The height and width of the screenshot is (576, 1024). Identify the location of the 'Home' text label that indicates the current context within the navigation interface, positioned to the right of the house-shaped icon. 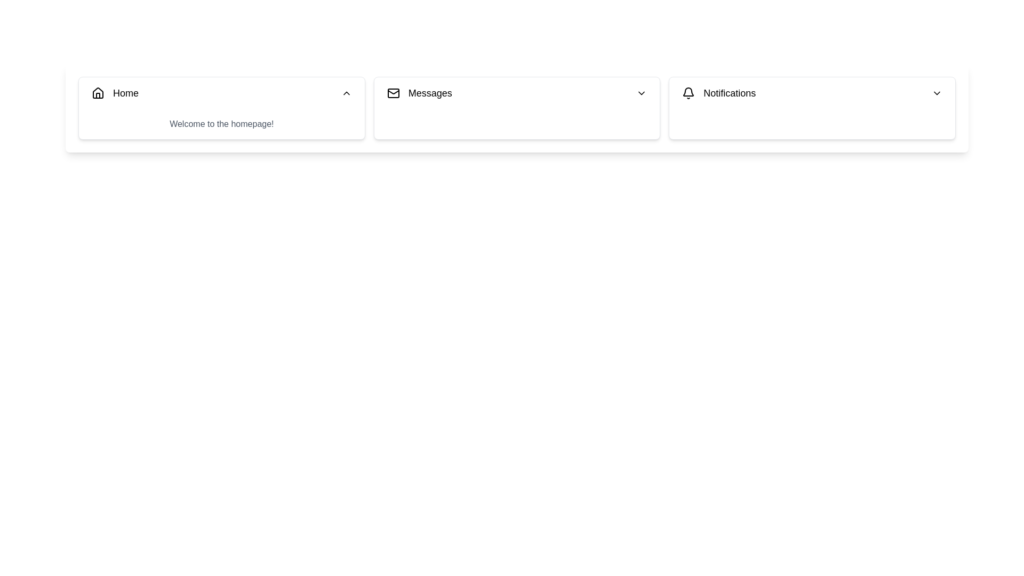
(125, 92).